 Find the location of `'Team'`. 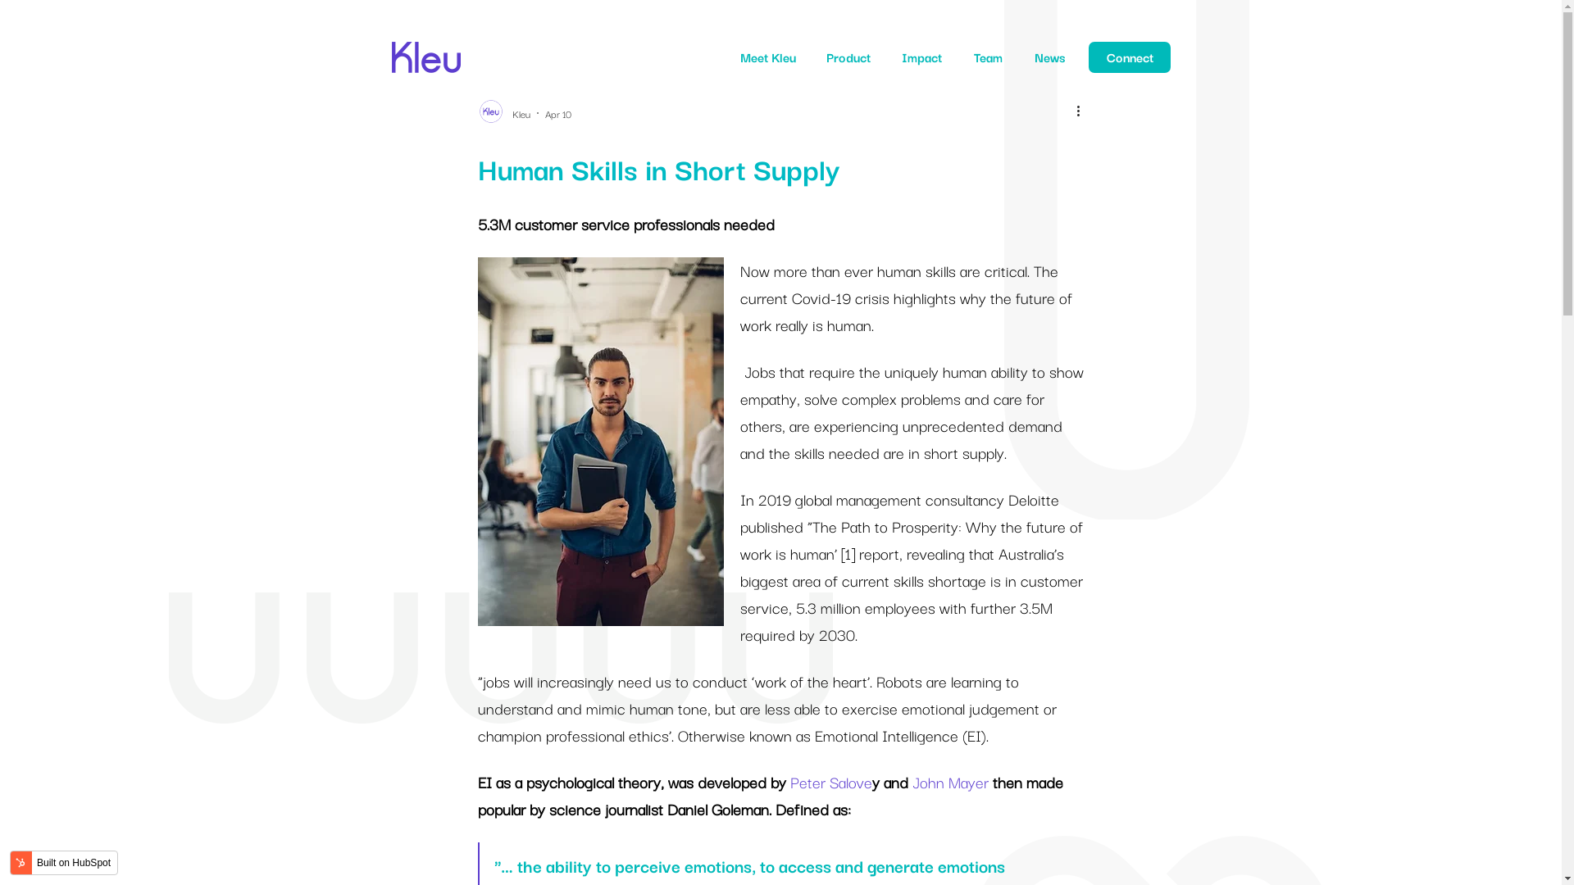

'Team' is located at coordinates (987, 56).